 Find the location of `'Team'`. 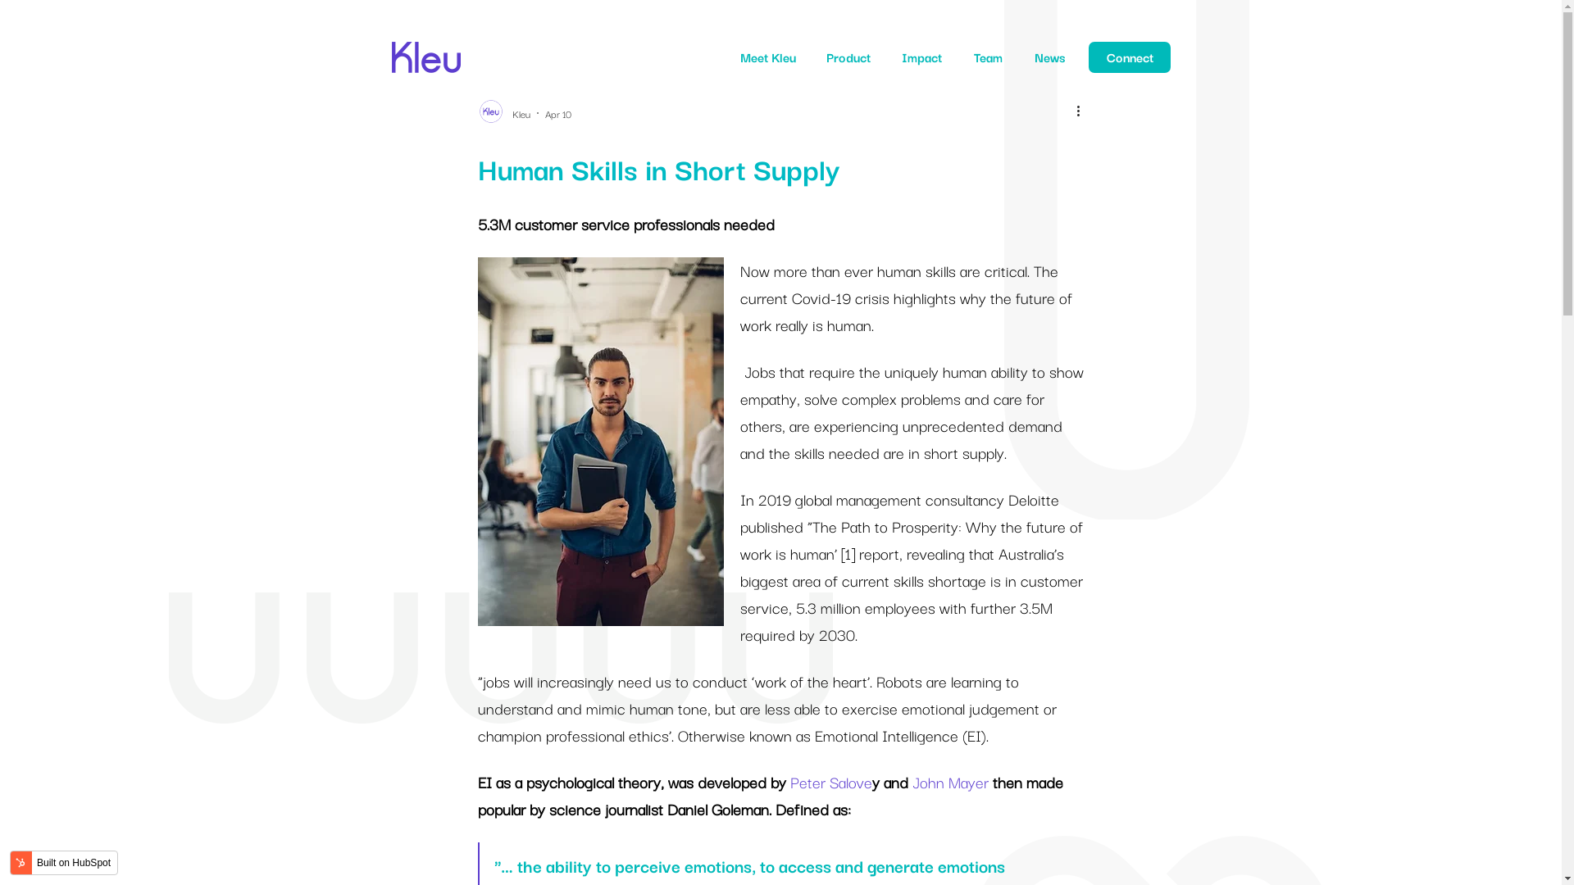

'Team' is located at coordinates (987, 56).